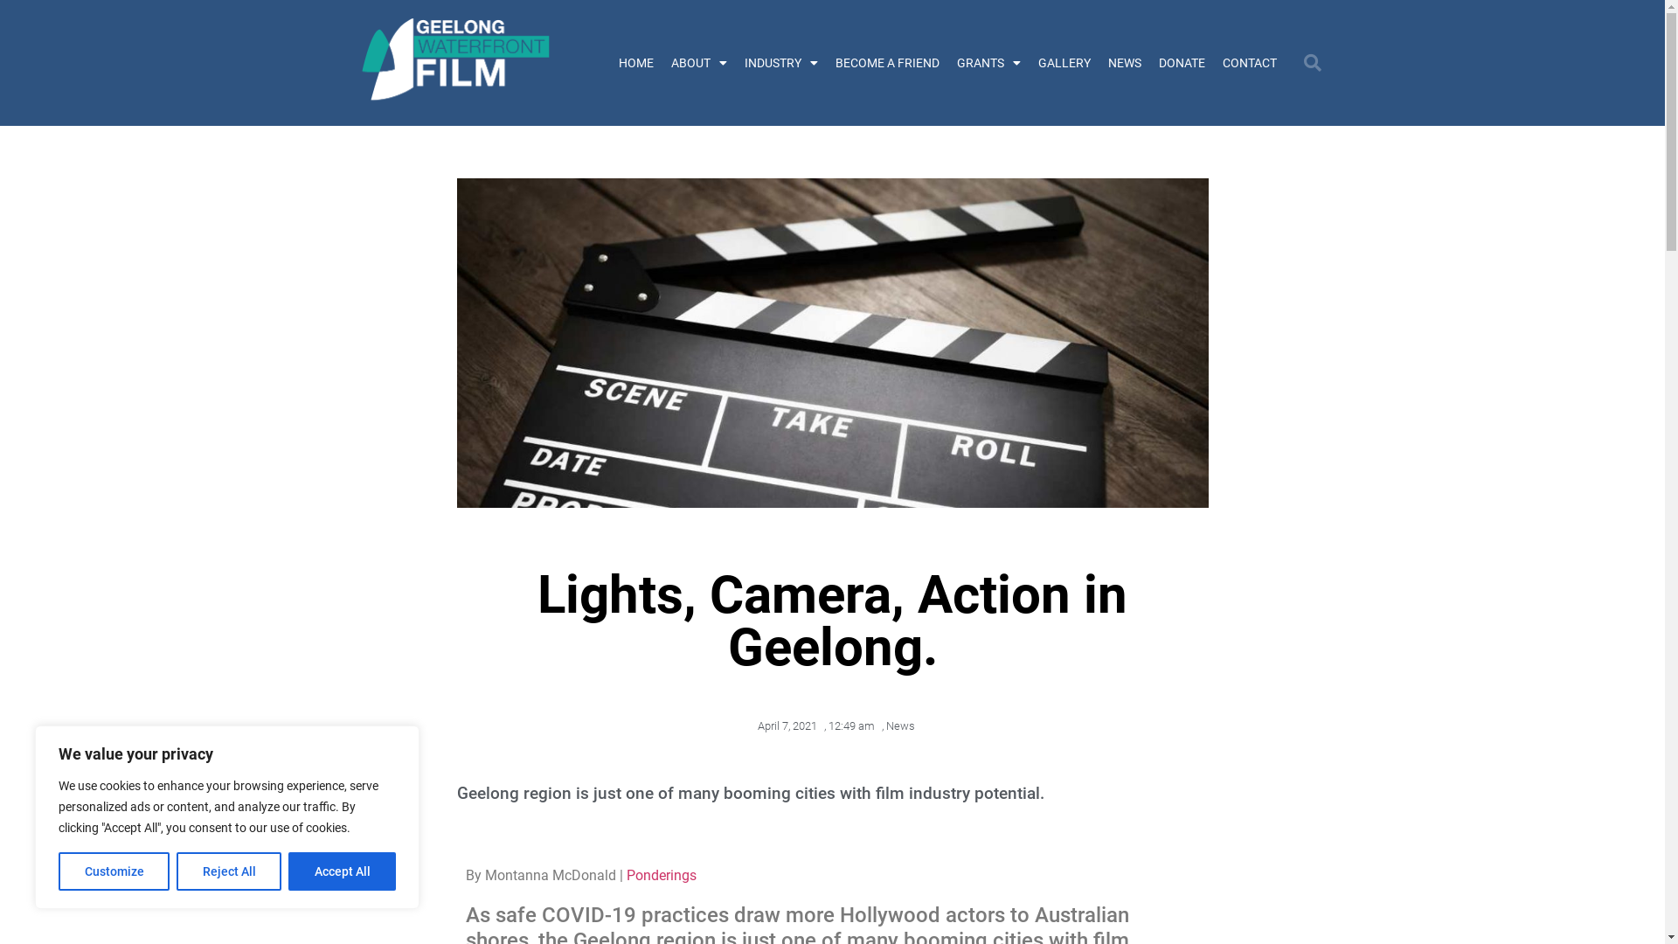  What do you see at coordinates (1064, 62) in the screenshot?
I see `'GALLERY'` at bounding box center [1064, 62].